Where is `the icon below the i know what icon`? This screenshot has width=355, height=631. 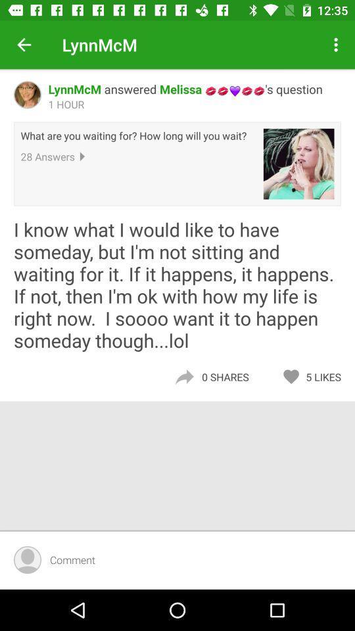 the icon below the i know what icon is located at coordinates (326, 377).